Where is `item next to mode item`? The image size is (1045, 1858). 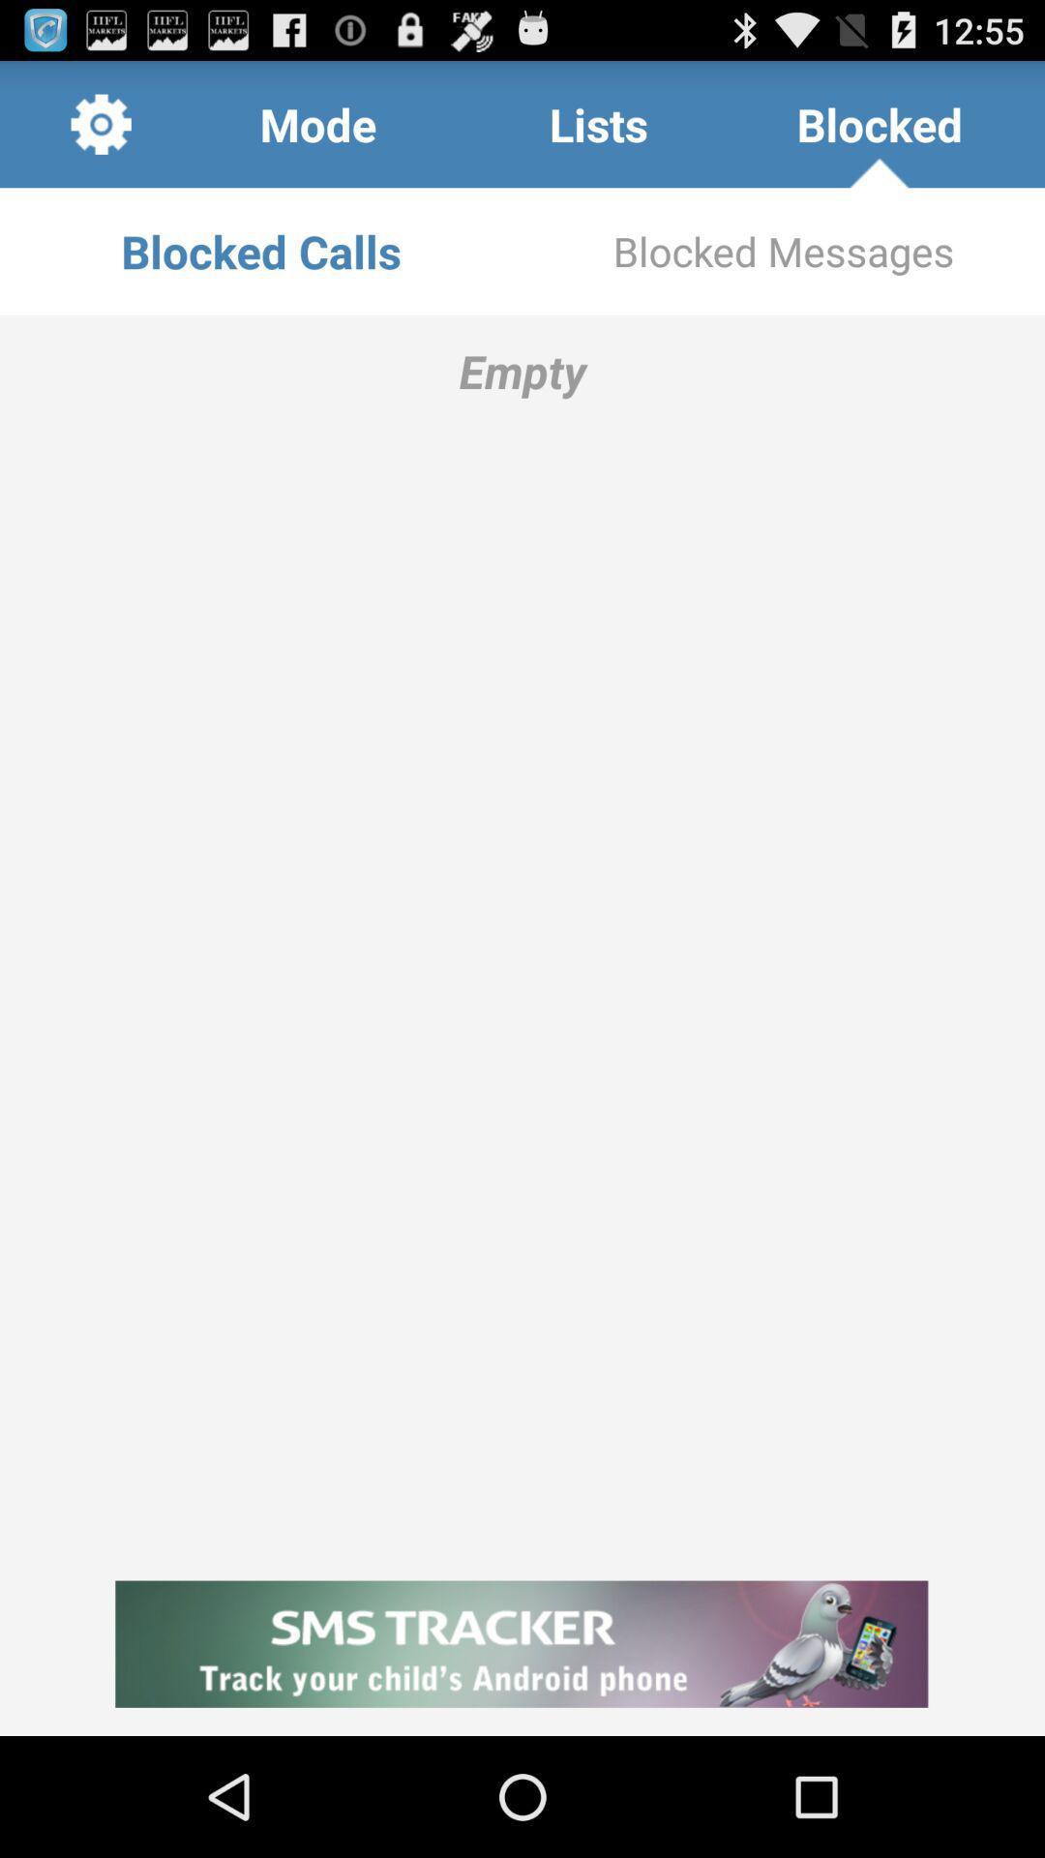
item next to mode item is located at coordinates (101, 123).